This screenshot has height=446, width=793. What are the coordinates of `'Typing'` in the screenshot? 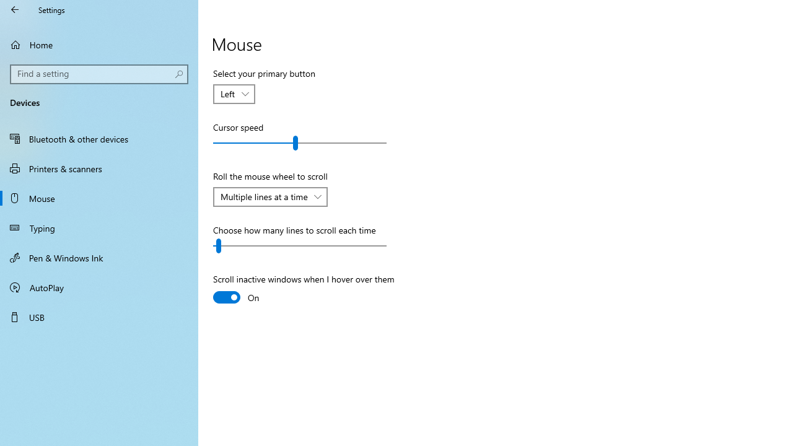 It's located at (99, 227).